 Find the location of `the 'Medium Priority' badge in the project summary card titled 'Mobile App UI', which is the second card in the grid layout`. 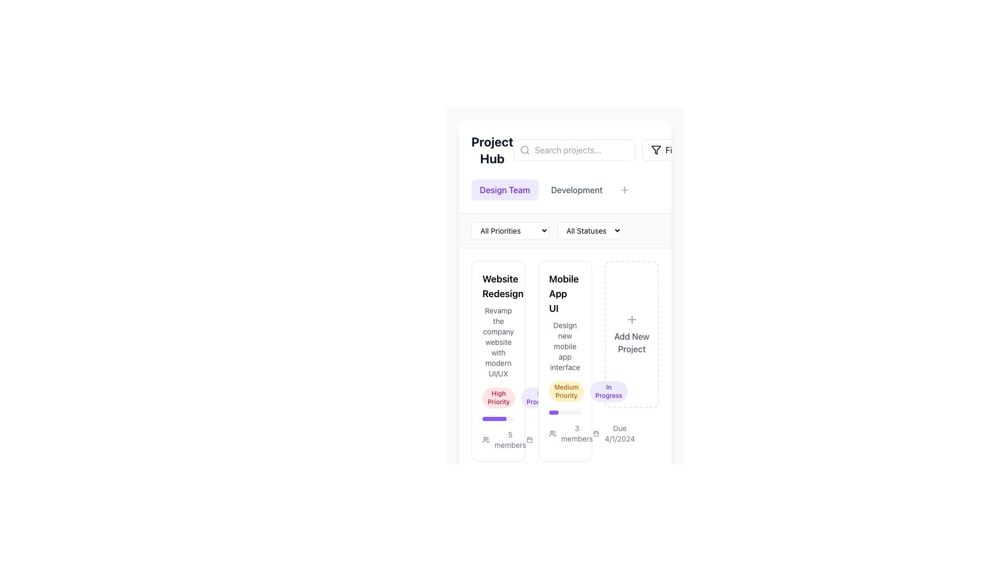

the 'Medium Priority' badge in the project summary card titled 'Mobile App UI', which is the second card in the grid layout is located at coordinates (564, 360).